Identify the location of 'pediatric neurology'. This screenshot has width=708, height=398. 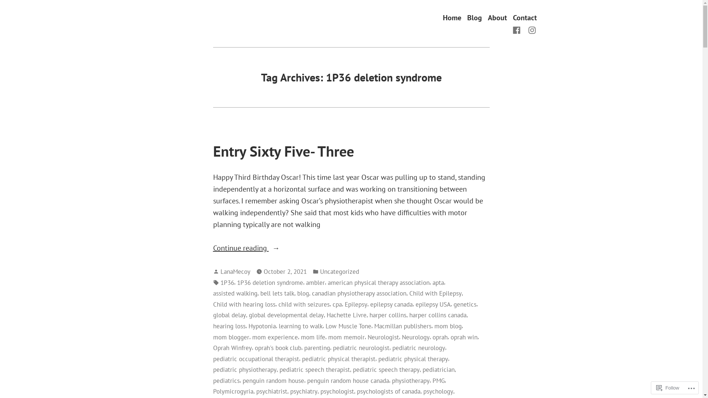
(419, 348).